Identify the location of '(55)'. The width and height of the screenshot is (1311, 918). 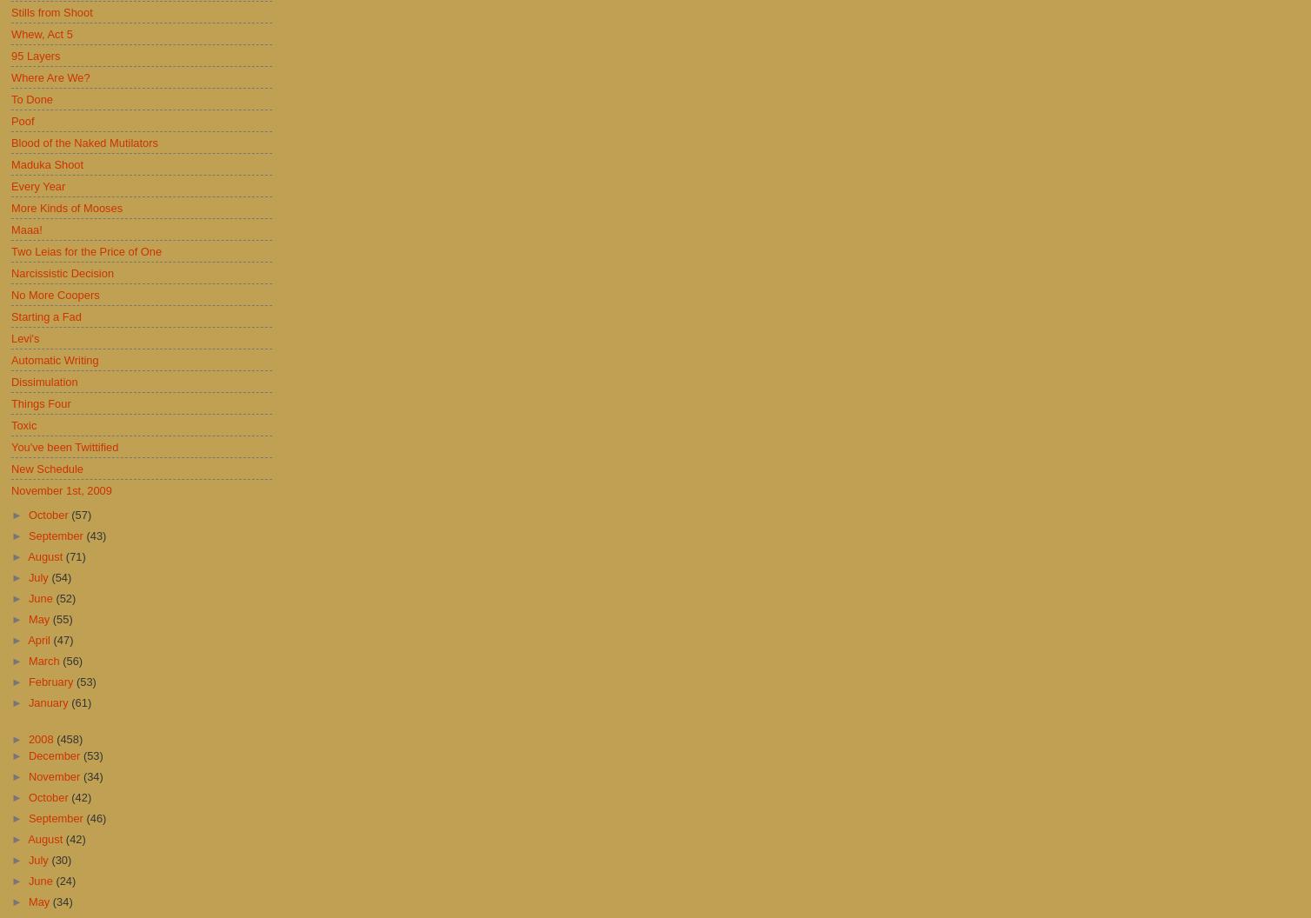
(52, 619).